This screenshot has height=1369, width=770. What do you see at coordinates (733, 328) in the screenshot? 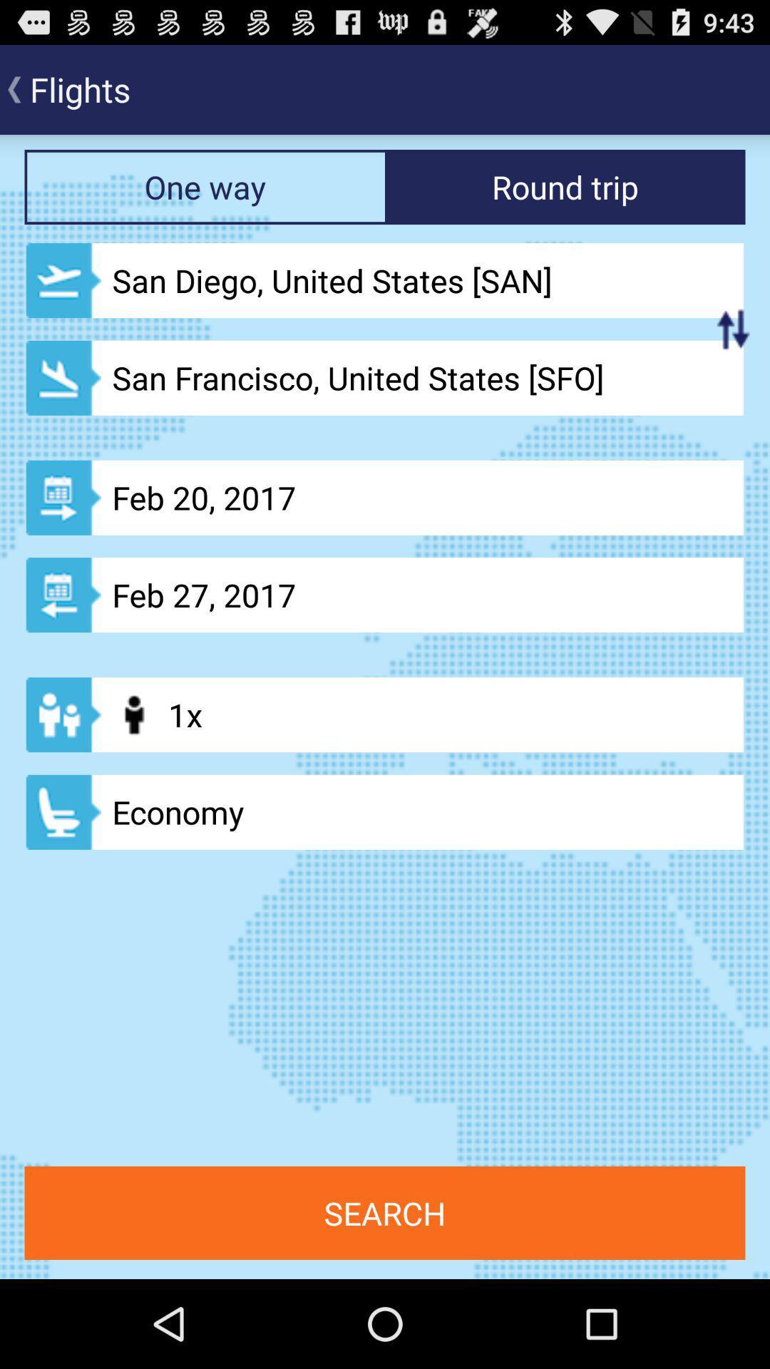
I see `swap` at bounding box center [733, 328].